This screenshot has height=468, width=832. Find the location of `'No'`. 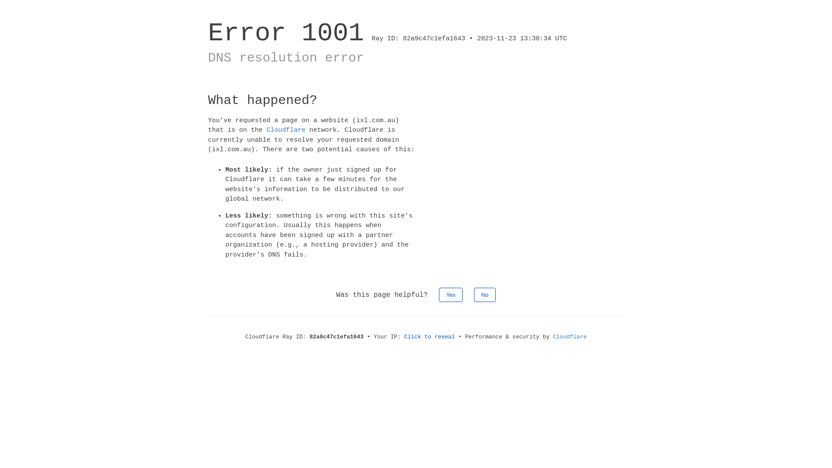

'No' is located at coordinates (484, 294).